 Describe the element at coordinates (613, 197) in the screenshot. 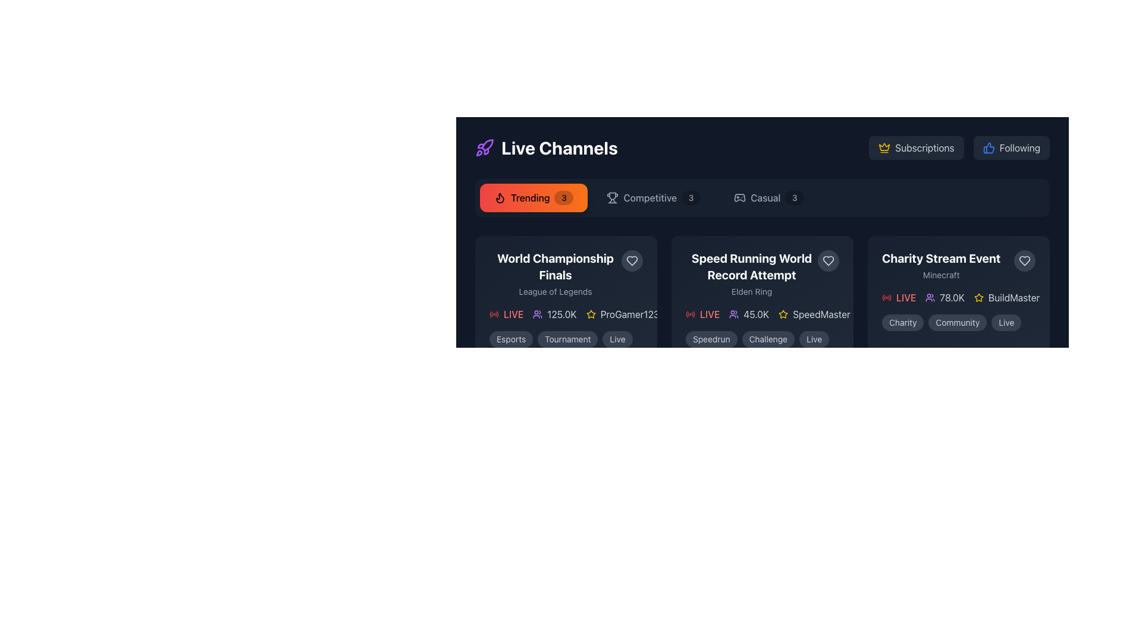

I see `the trophy icon representing the 'Competitive' category, which is located inside a button labeled 'Competitive' with a numeric badge '3'` at that location.